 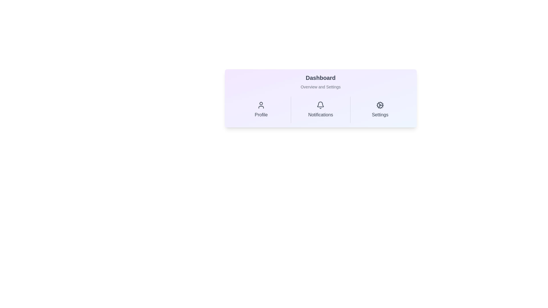 What do you see at coordinates (380, 110) in the screenshot?
I see `the settings button, which is the third element in a horizontal group of navigation links` at bounding box center [380, 110].